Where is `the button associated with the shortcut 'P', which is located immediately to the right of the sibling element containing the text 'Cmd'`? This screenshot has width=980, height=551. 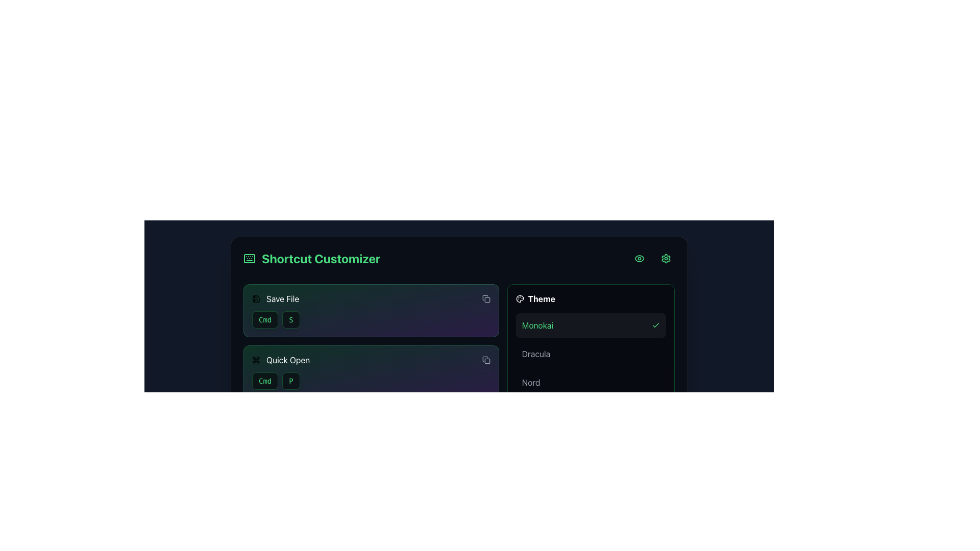
the button associated with the shortcut 'P', which is located immediately to the right of the sibling element containing the text 'Cmd' is located at coordinates (290, 381).